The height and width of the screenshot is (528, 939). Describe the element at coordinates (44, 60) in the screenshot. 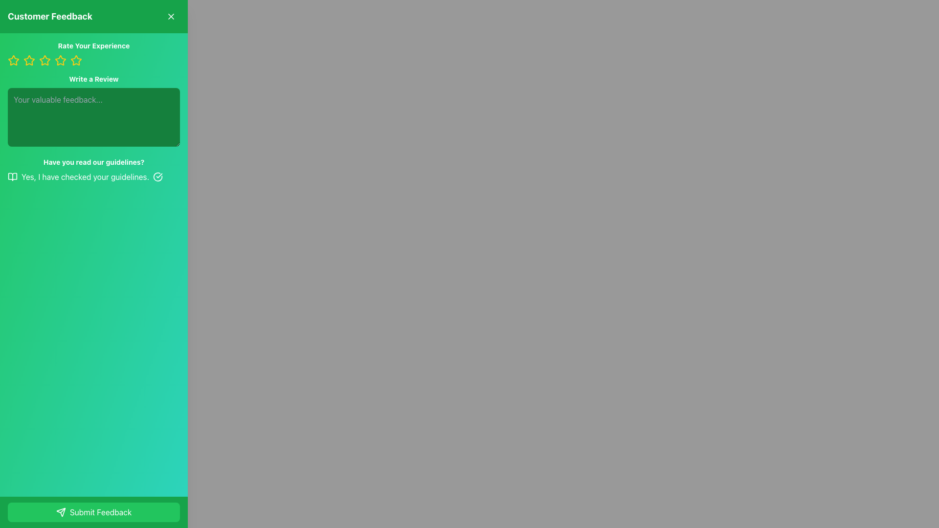

I see `the fourth star icon in the rating mechanism located below 'Rate Your Experience' and above 'Write a Review'` at that location.